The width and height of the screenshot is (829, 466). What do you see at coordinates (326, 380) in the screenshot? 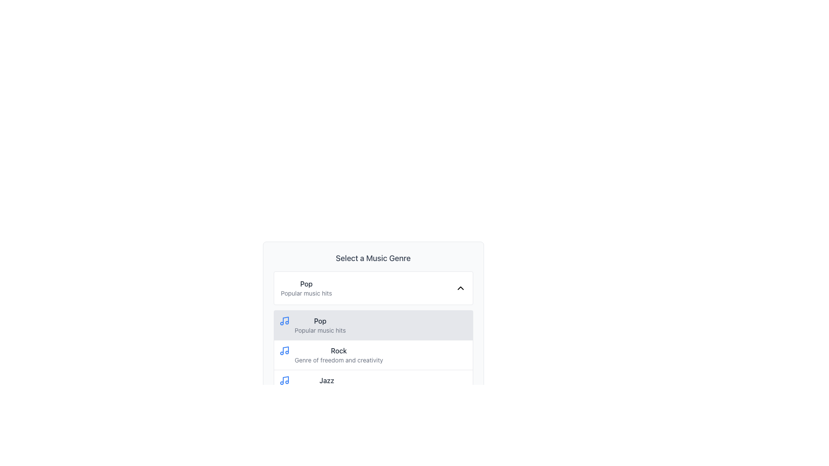
I see `the text label displaying 'Jazz', which is the third option in the music genre selection list` at bounding box center [326, 380].